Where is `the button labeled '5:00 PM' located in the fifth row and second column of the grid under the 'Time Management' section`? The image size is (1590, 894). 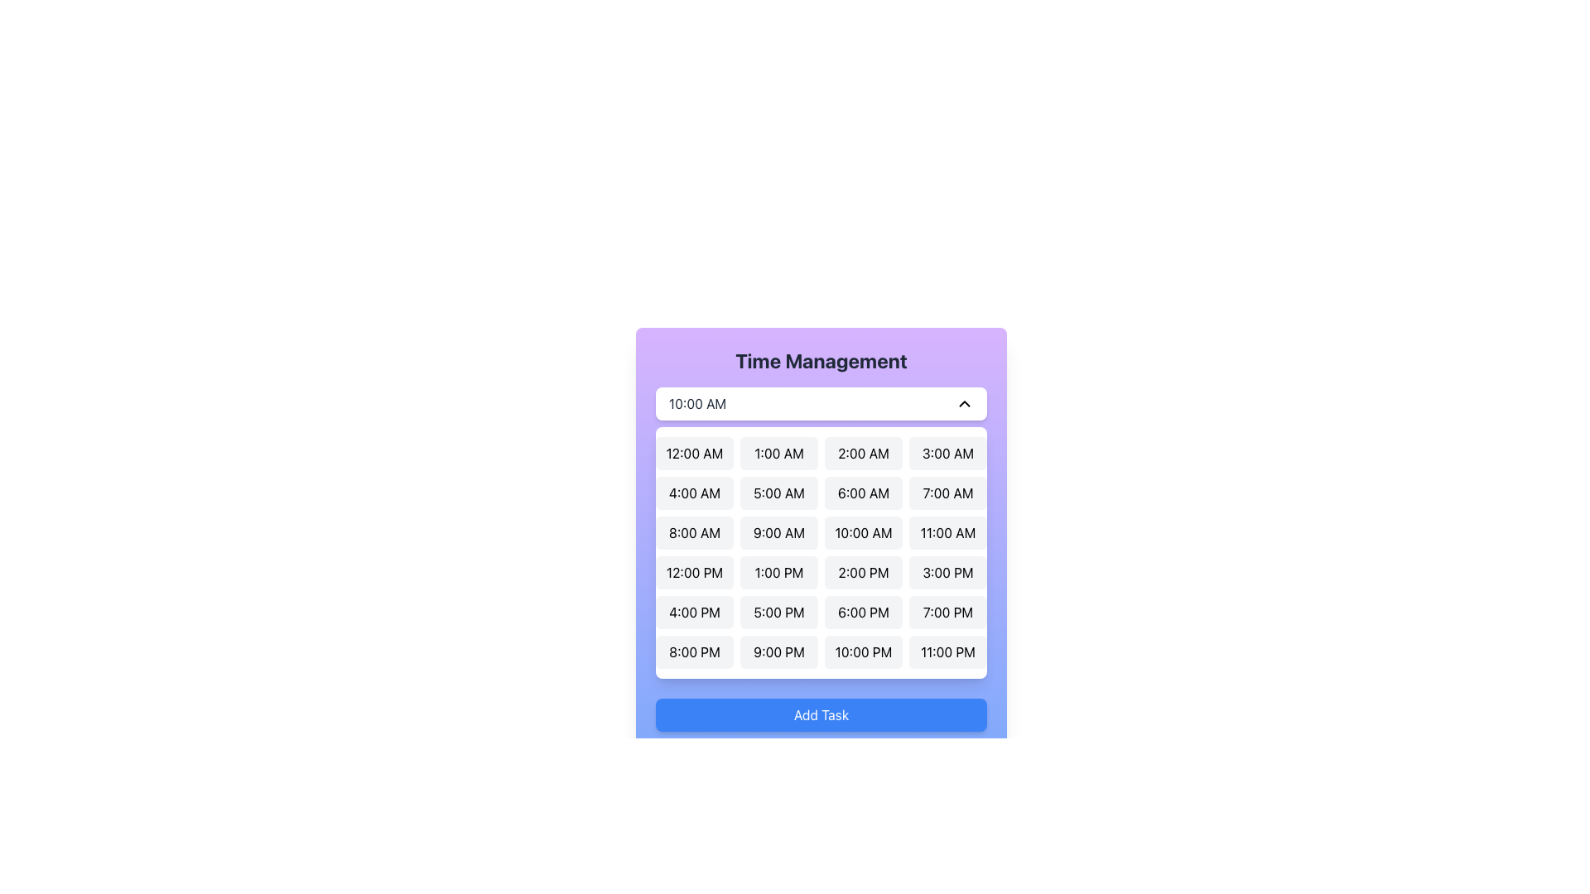
the button labeled '5:00 PM' located in the fifth row and second column of the grid under the 'Time Management' section is located at coordinates (778, 613).